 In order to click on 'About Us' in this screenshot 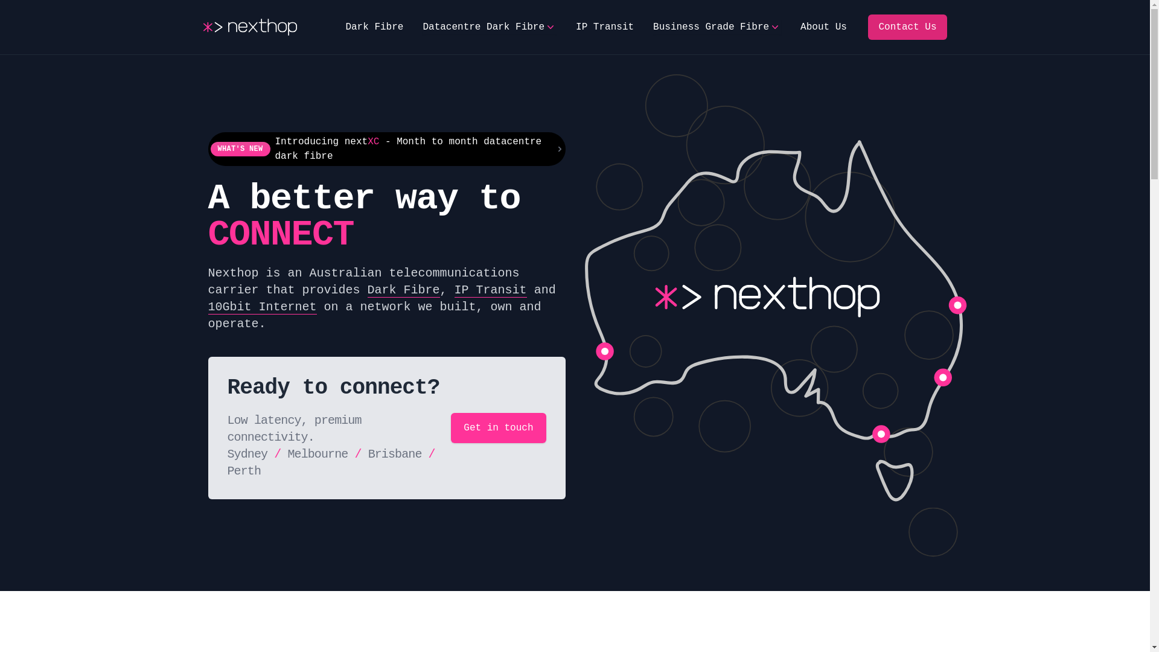, I will do `click(800, 27)`.